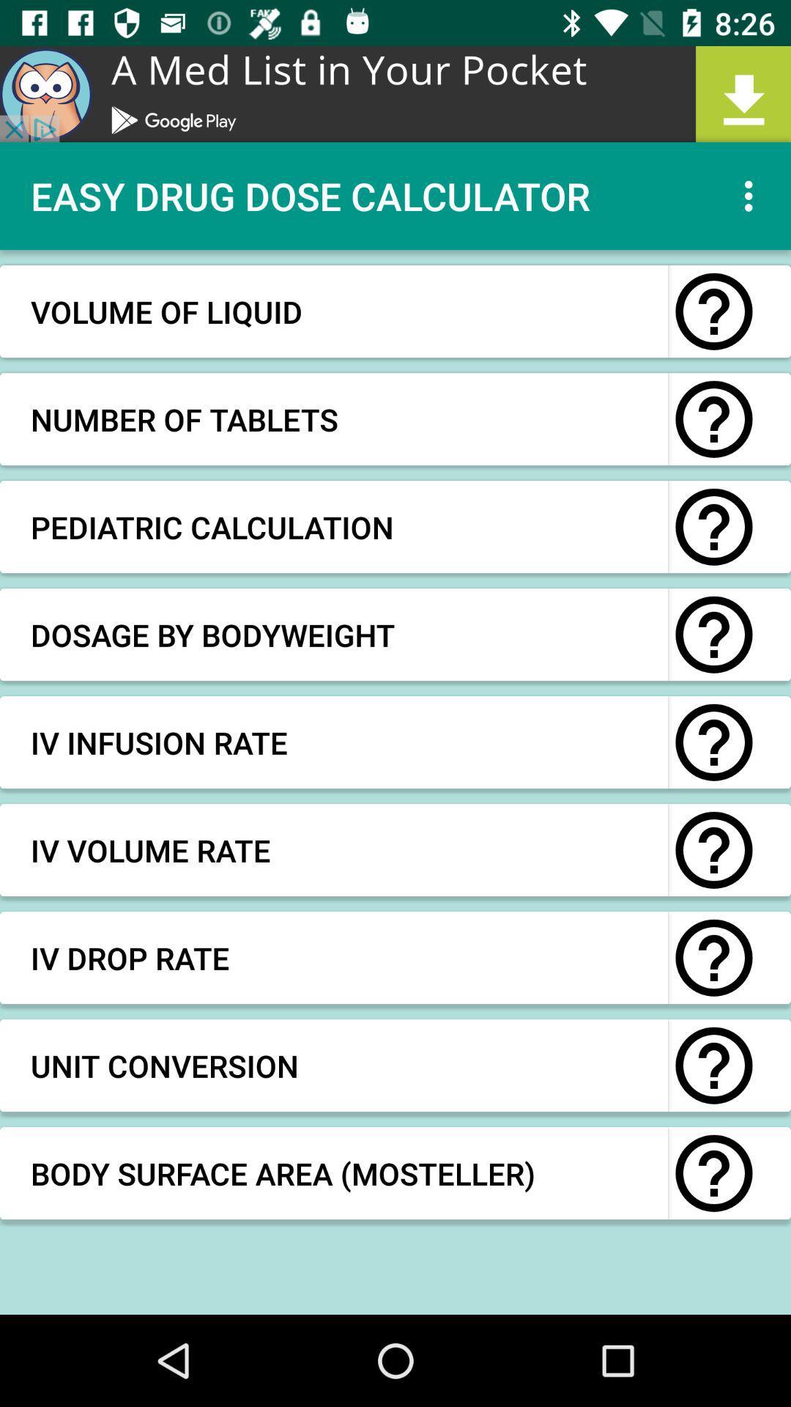  What do you see at coordinates (713, 1173) in the screenshot?
I see `more information` at bounding box center [713, 1173].